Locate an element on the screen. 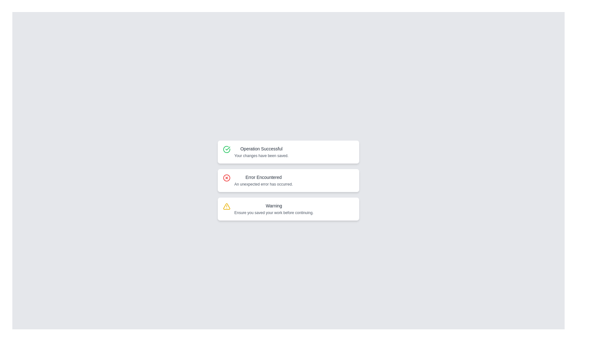  the text element that displays 'Operation Successful', which is styled in a small font size, medium weight, and dark gray color, located at the top of the notification card is located at coordinates (261, 149).